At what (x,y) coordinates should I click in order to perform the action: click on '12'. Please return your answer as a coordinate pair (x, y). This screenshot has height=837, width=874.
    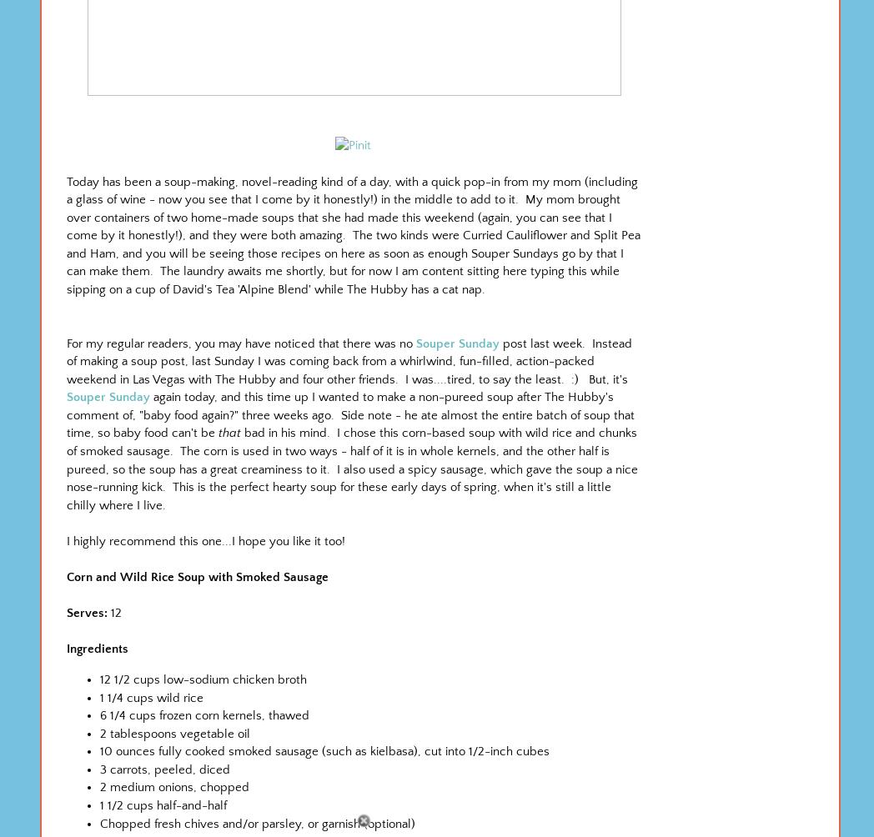
    Looking at the image, I should click on (116, 612).